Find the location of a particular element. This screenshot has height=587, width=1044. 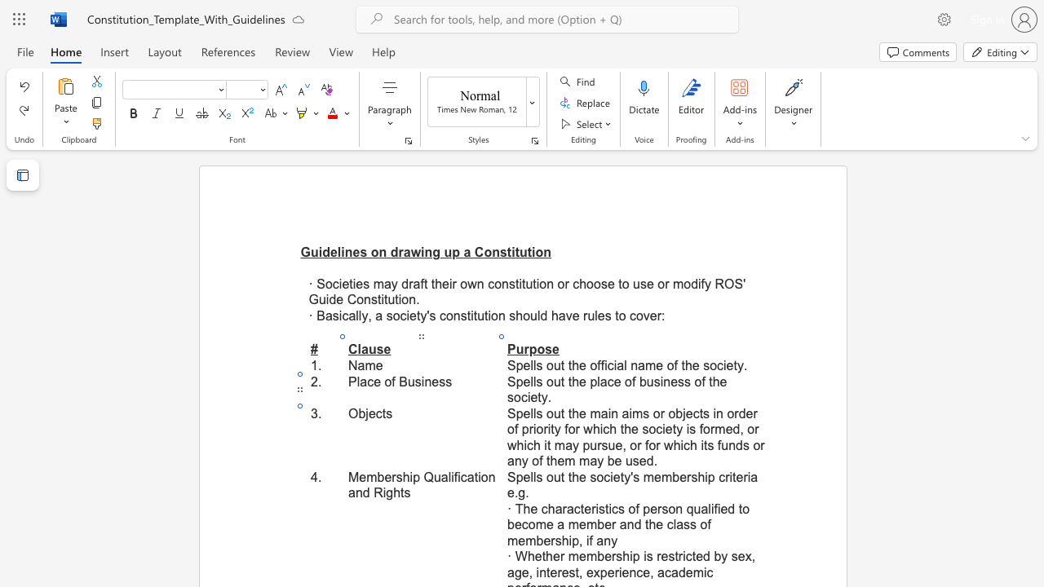

the 2th character "h" in the text is located at coordinates (396, 492).